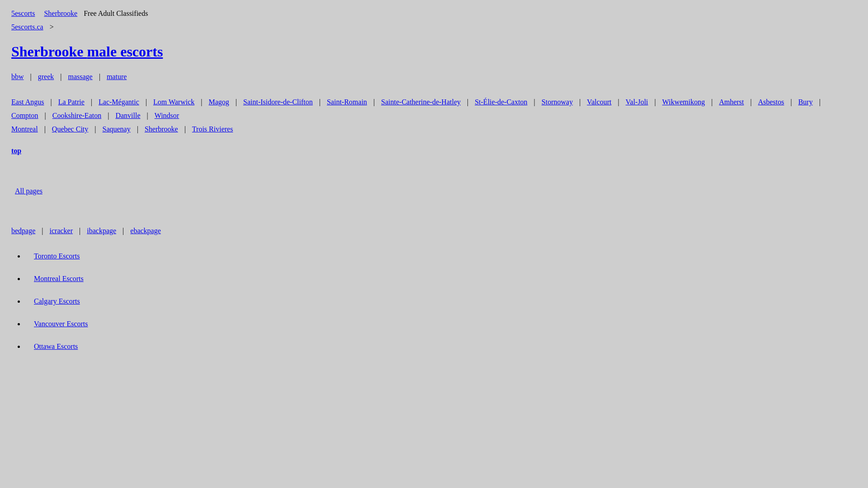 This screenshot has height=488, width=868. What do you see at coordinates (346, 102) in the screenshot?
I see `'Saint-Romain'` at bounding box center [346, 102].